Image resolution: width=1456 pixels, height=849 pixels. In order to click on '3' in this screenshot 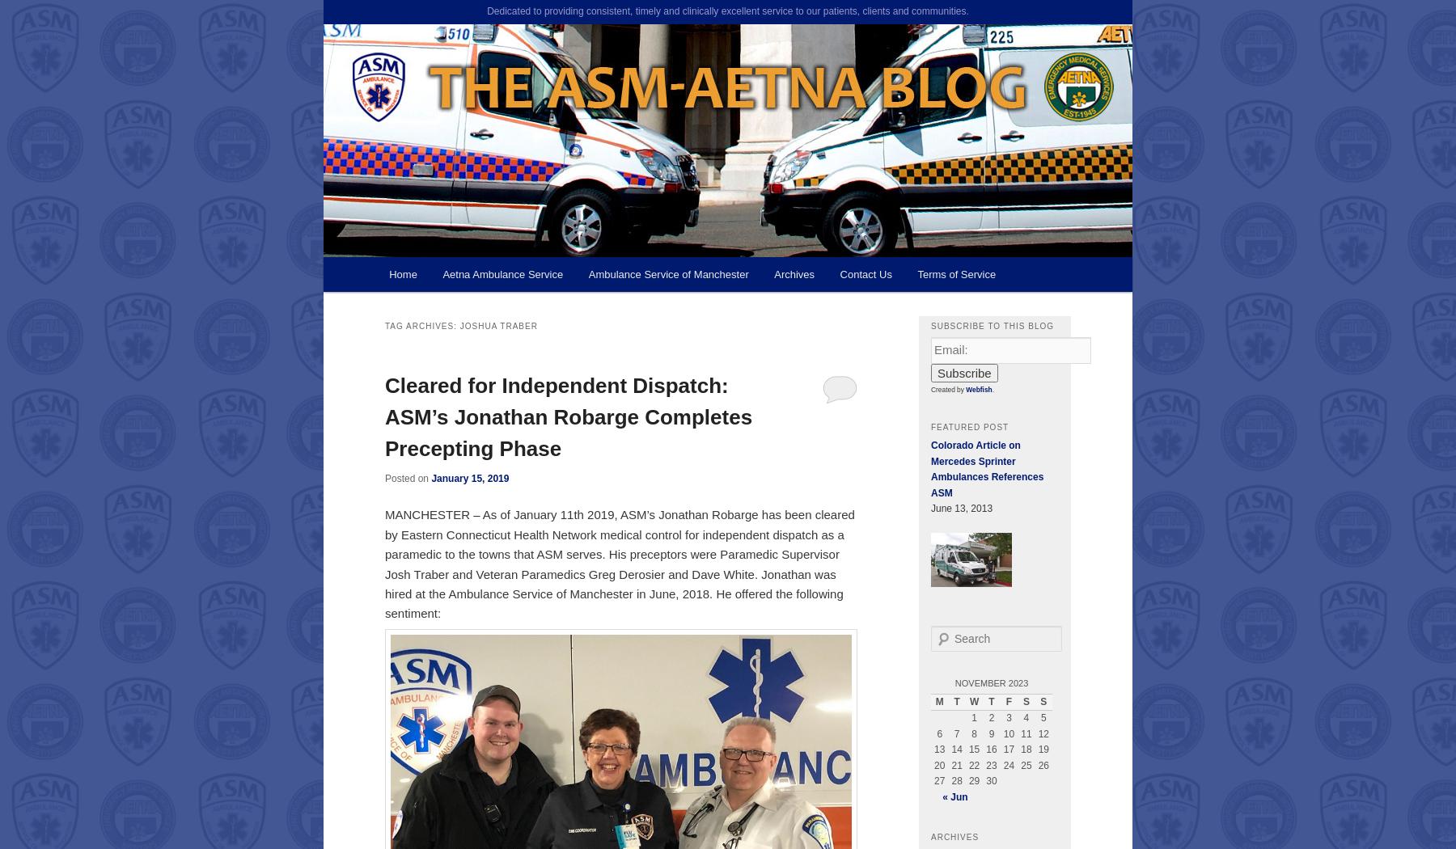, I will do `click(1009, 716)`.